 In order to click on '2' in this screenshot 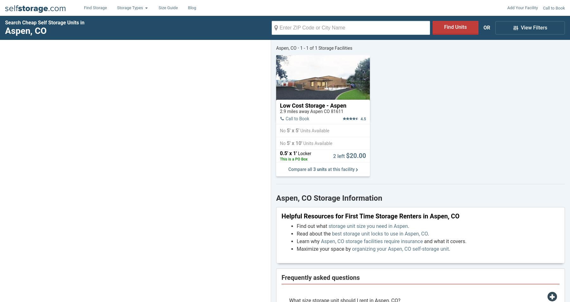, I will do `click(333, 155)`.